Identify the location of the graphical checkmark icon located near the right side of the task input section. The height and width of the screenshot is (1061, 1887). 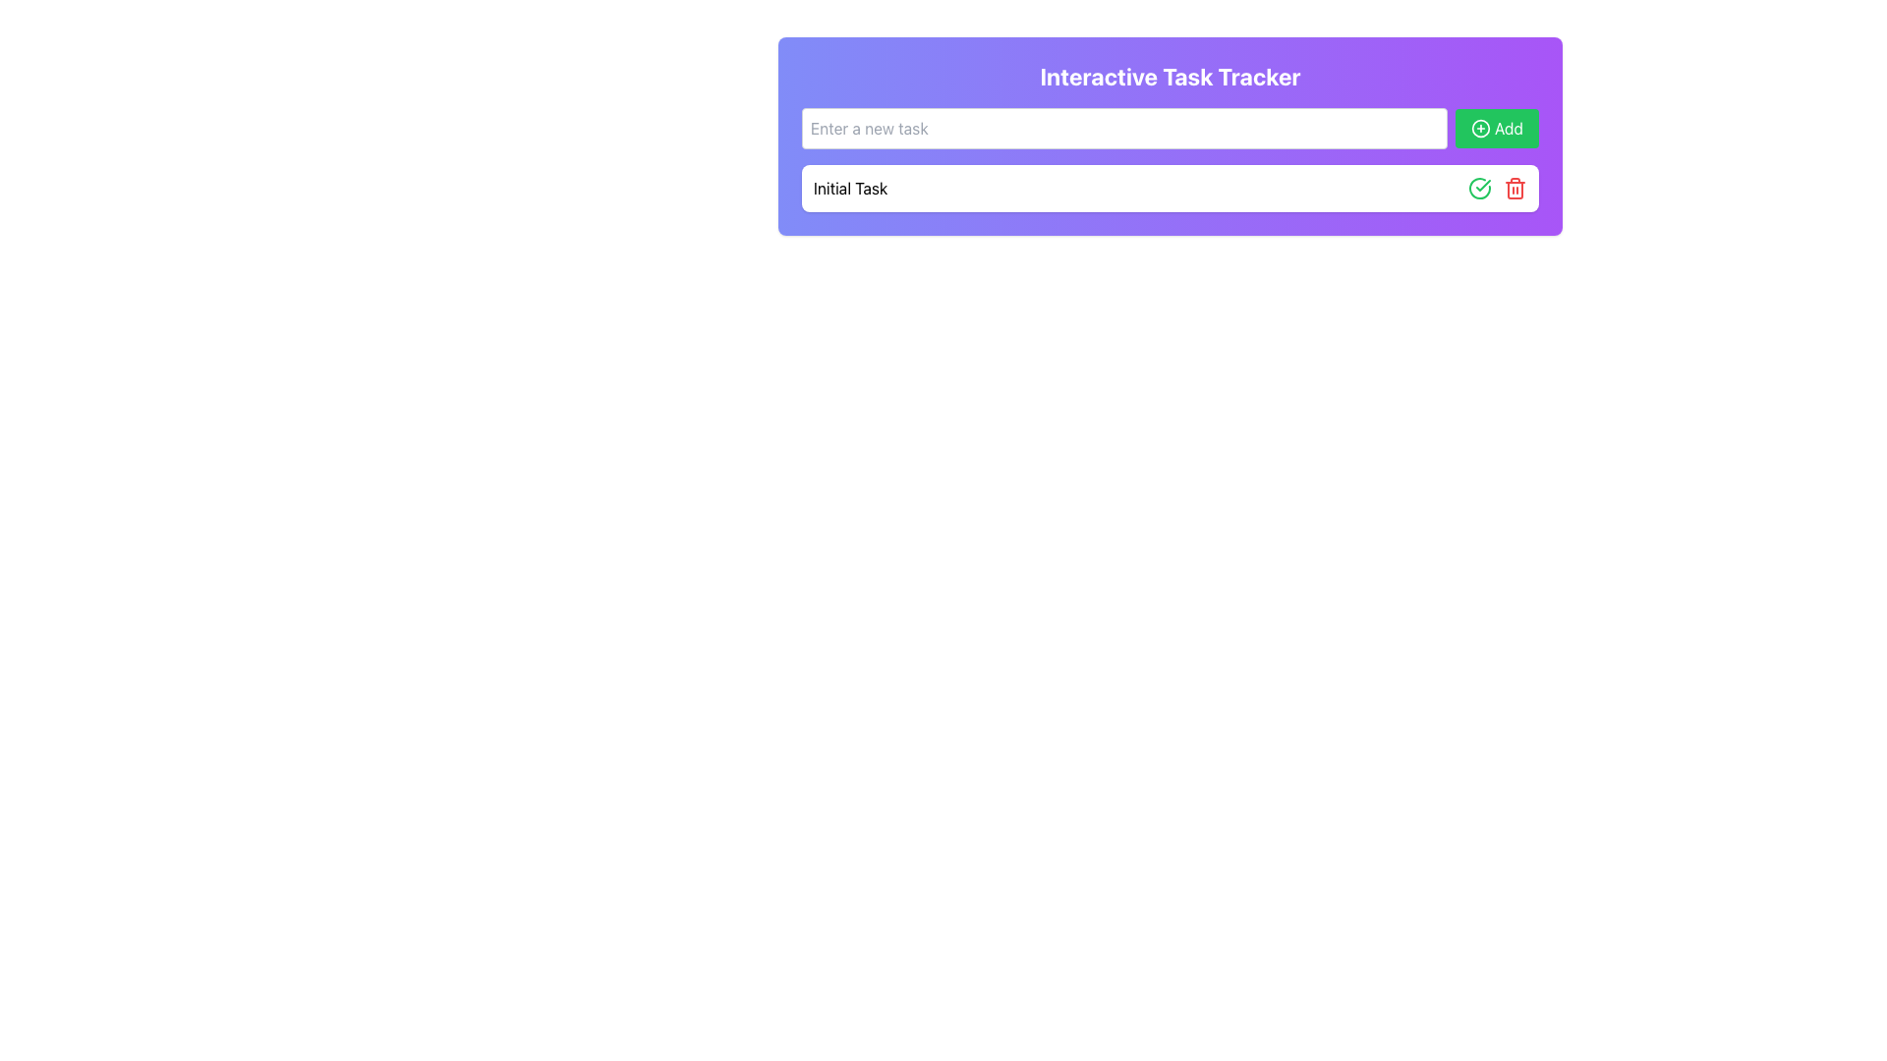
(1483, 186).